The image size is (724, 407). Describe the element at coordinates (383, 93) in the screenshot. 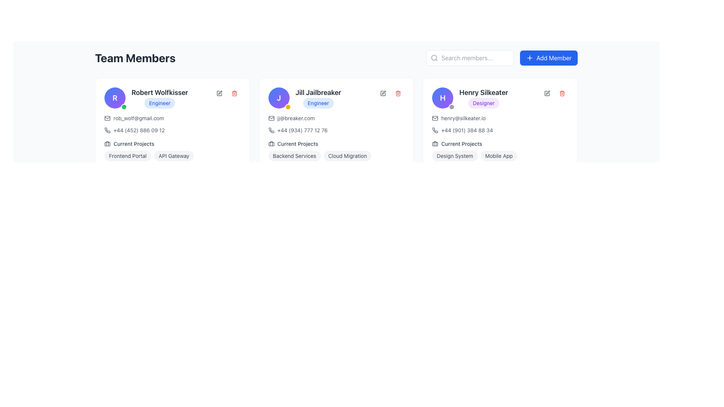

I see `the pen icon located at the top-right corner of Jill Jailbreaker's user card` at that location.